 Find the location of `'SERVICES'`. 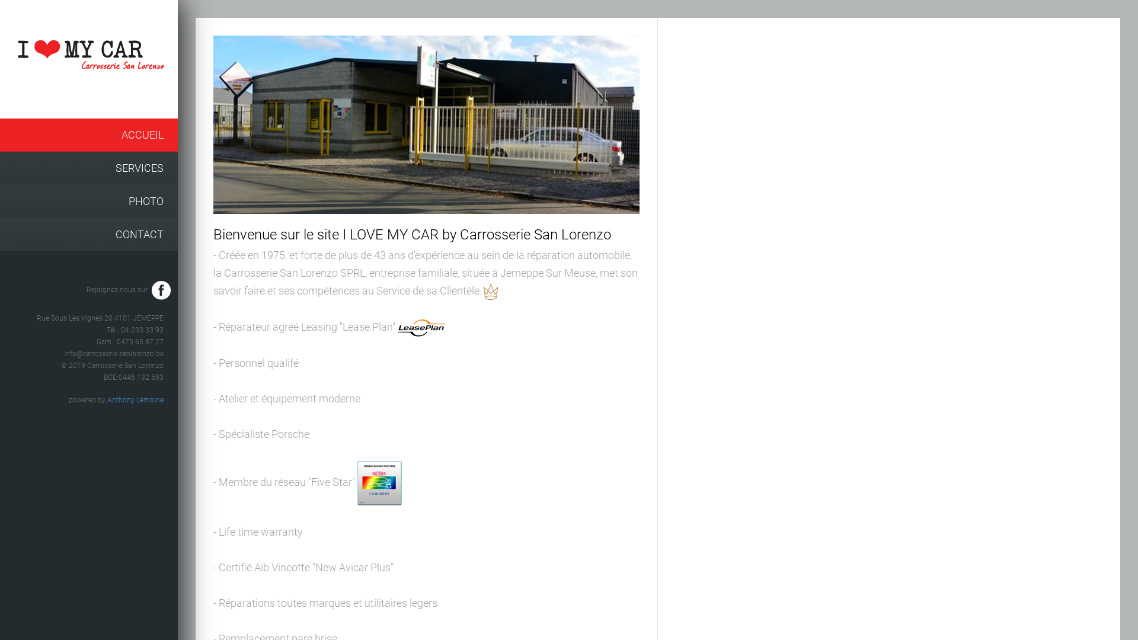

'SERVICES' is located at coordinates (88, 168).